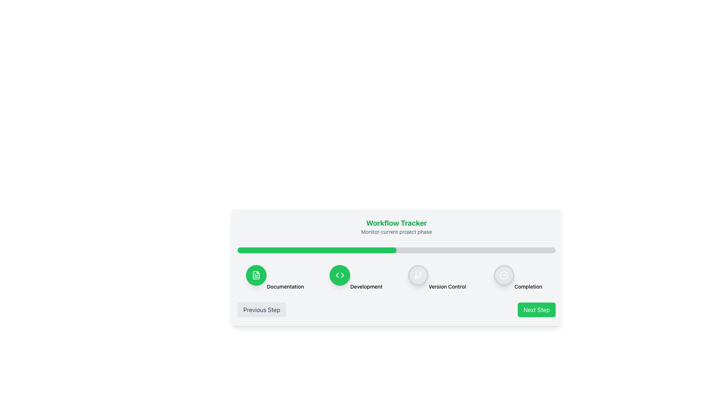 This screenshot has height=397, width=707. Describe the element at coordinates (275, 278) in the screenshot. I see `the Progress Indicator Phase Item` at that location.